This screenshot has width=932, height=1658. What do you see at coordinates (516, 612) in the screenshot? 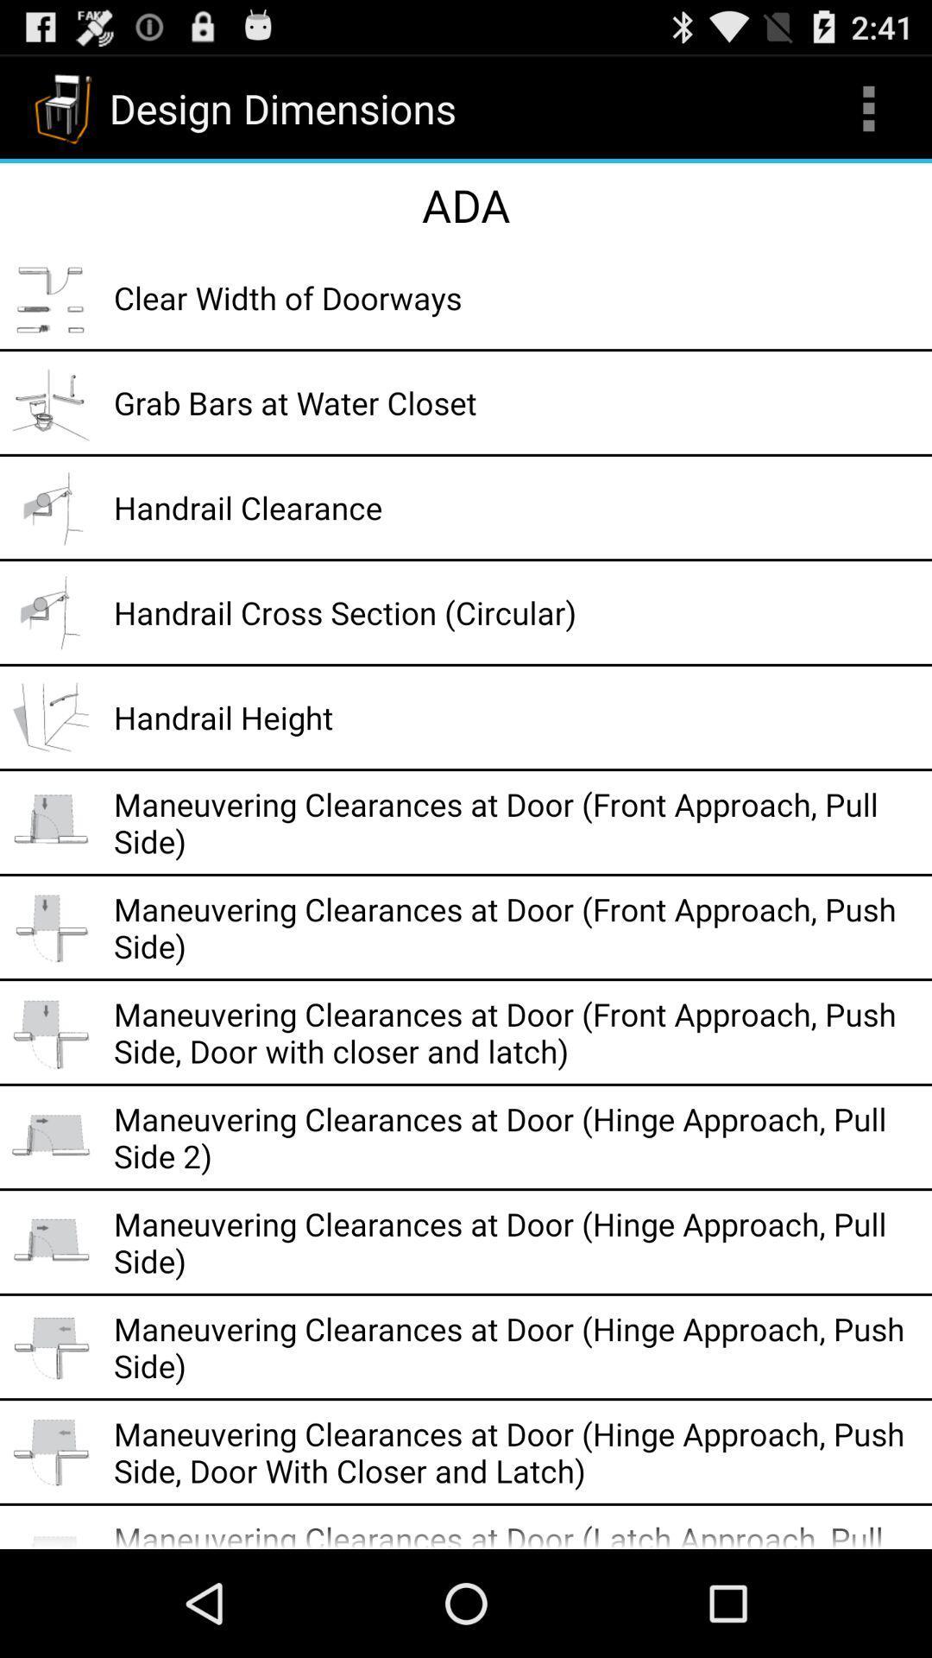
I see `handrail cross section` at bounding box center [516, 612].